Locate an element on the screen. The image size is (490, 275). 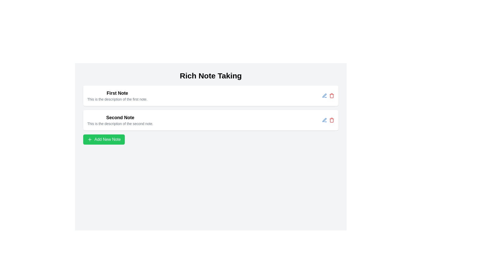
the green 'Add New Note' button with white text and a plus icon, located centrally below the note descriptions is located at coordinates (104, 139).